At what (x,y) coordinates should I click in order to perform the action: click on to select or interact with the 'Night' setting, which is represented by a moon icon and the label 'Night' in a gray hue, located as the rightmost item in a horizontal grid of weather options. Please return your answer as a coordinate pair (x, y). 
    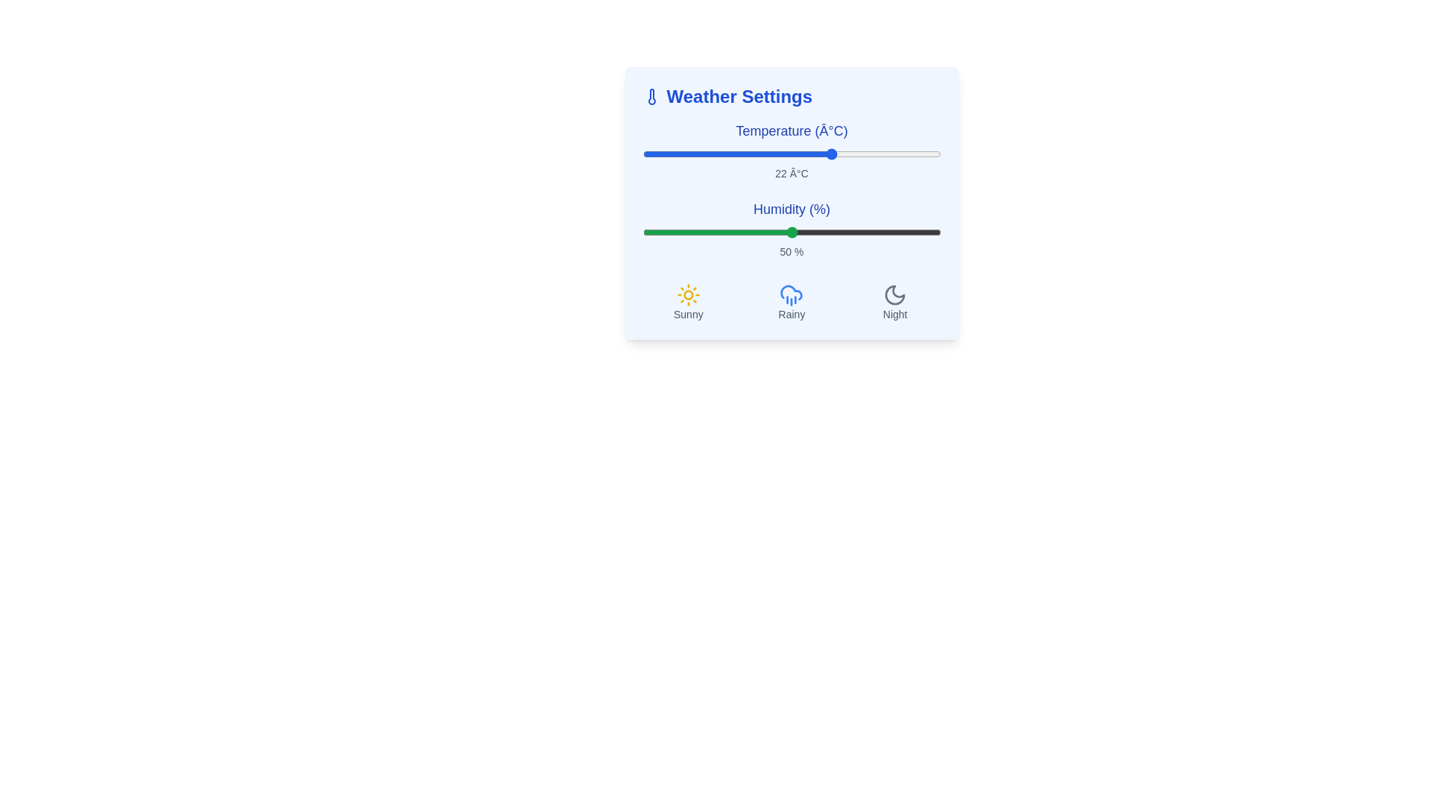
    Looking at the image, I should click on (894, 302).